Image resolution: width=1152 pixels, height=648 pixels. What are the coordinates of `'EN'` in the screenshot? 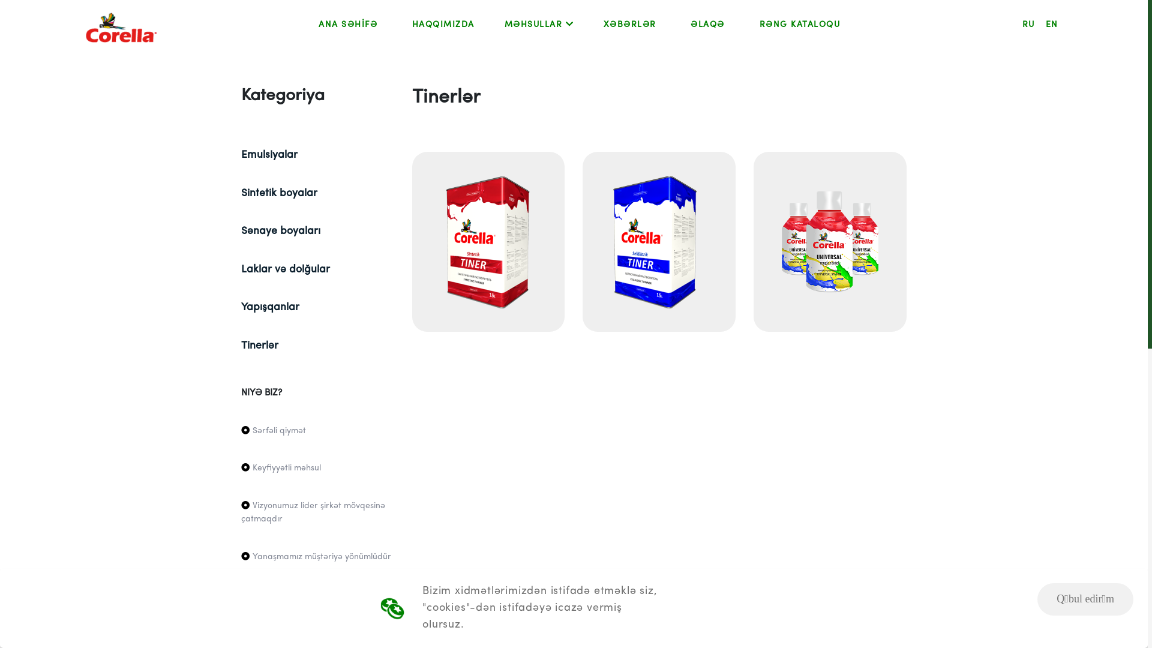 It's located at (1051, 25).